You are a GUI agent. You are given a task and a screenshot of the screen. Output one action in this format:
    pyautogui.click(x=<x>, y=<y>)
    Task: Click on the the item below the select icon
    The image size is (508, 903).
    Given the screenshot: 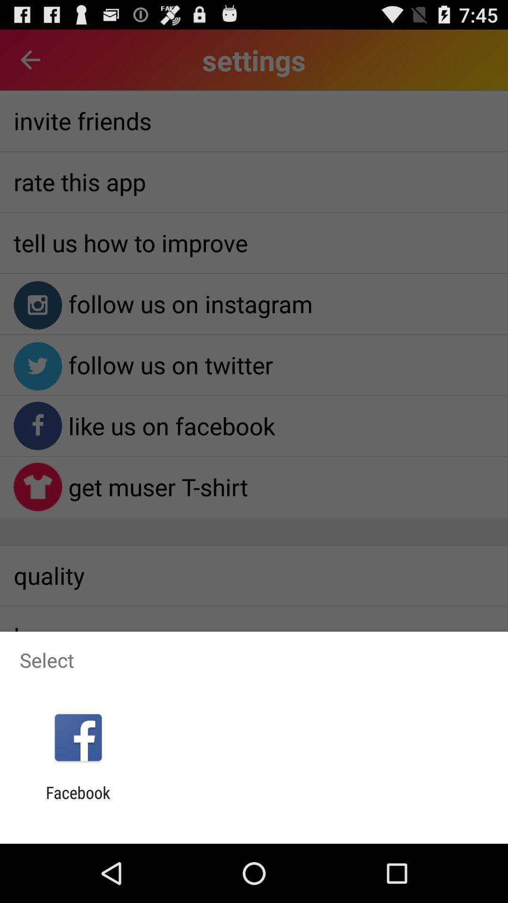 What is the action you would take?
    pyautogui.click(x=78, y=737)
    